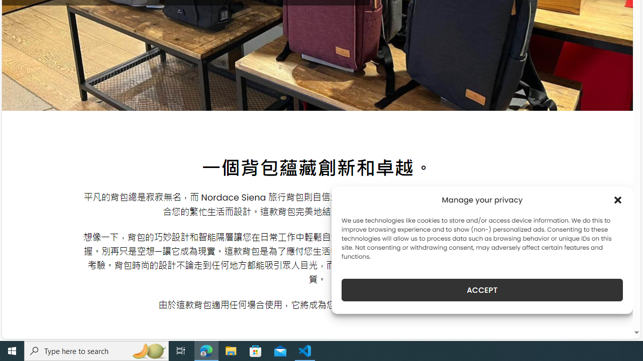  What do you see at coordinates (482, 290) in the screenshot?
I see `'ACCEPT'` at bounding box center [482, 290].